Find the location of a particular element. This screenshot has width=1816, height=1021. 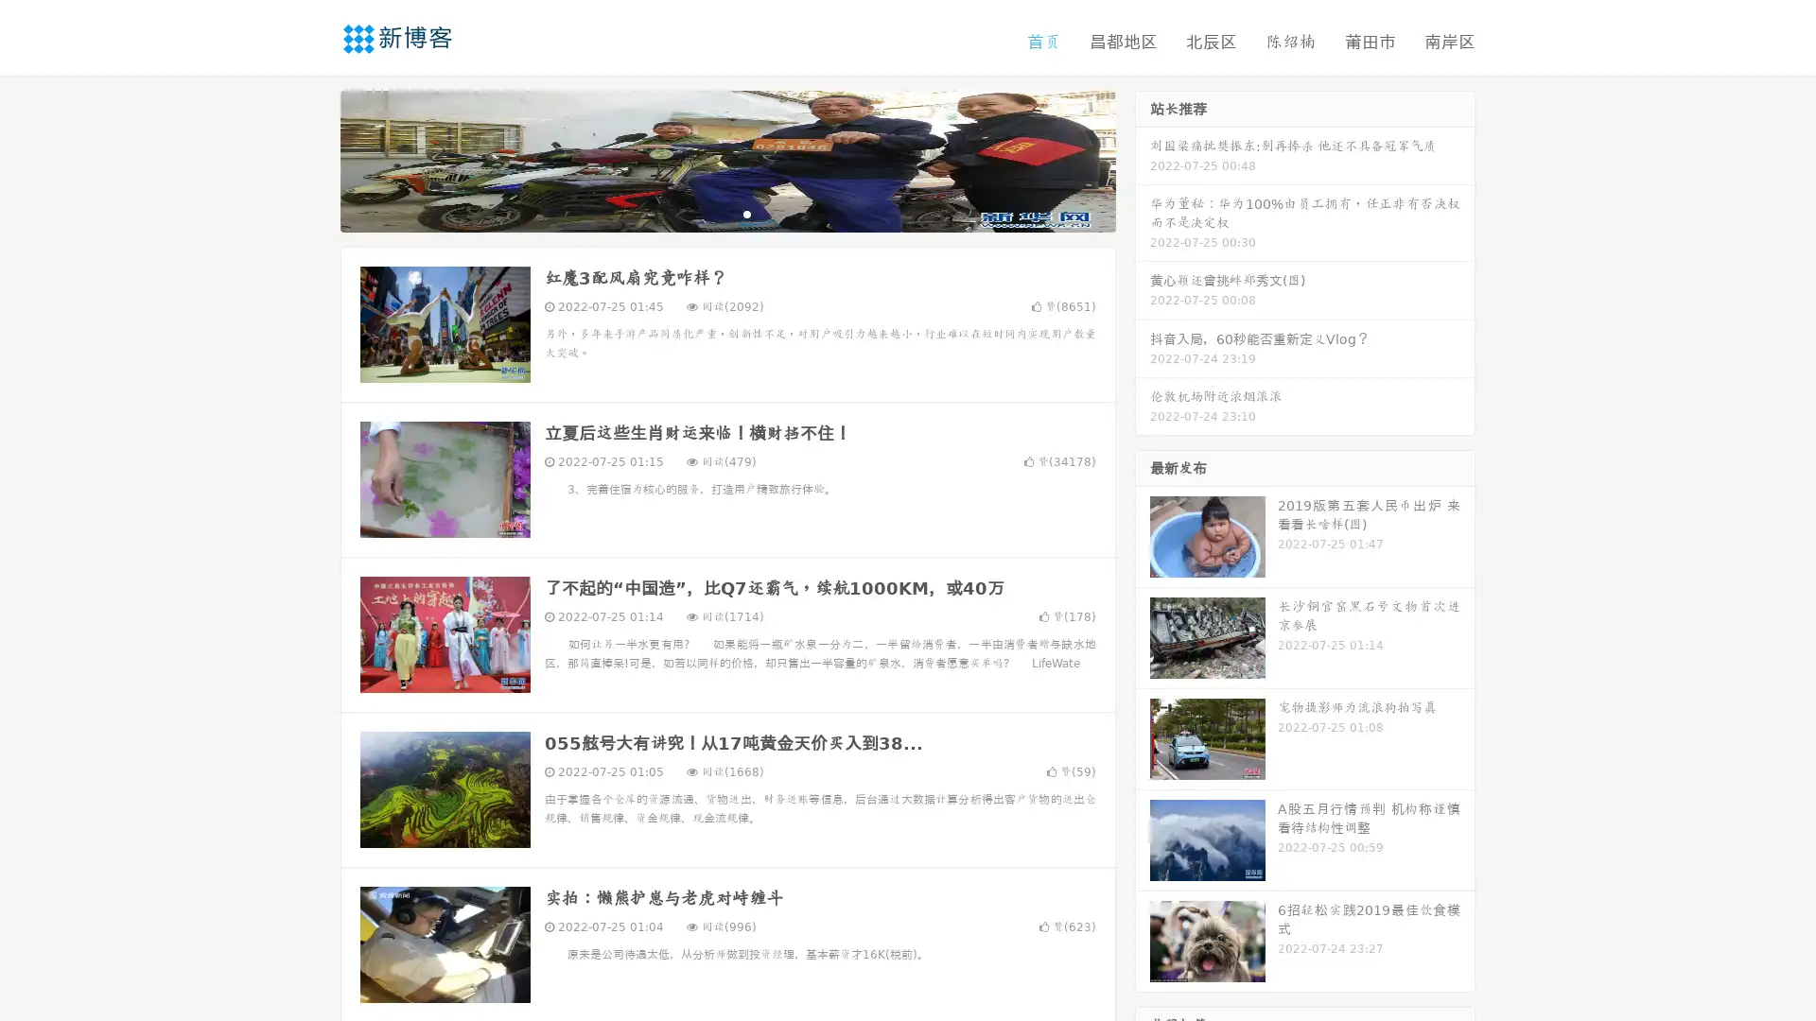

Go to slide 1 is located at coordinates (707, 213).